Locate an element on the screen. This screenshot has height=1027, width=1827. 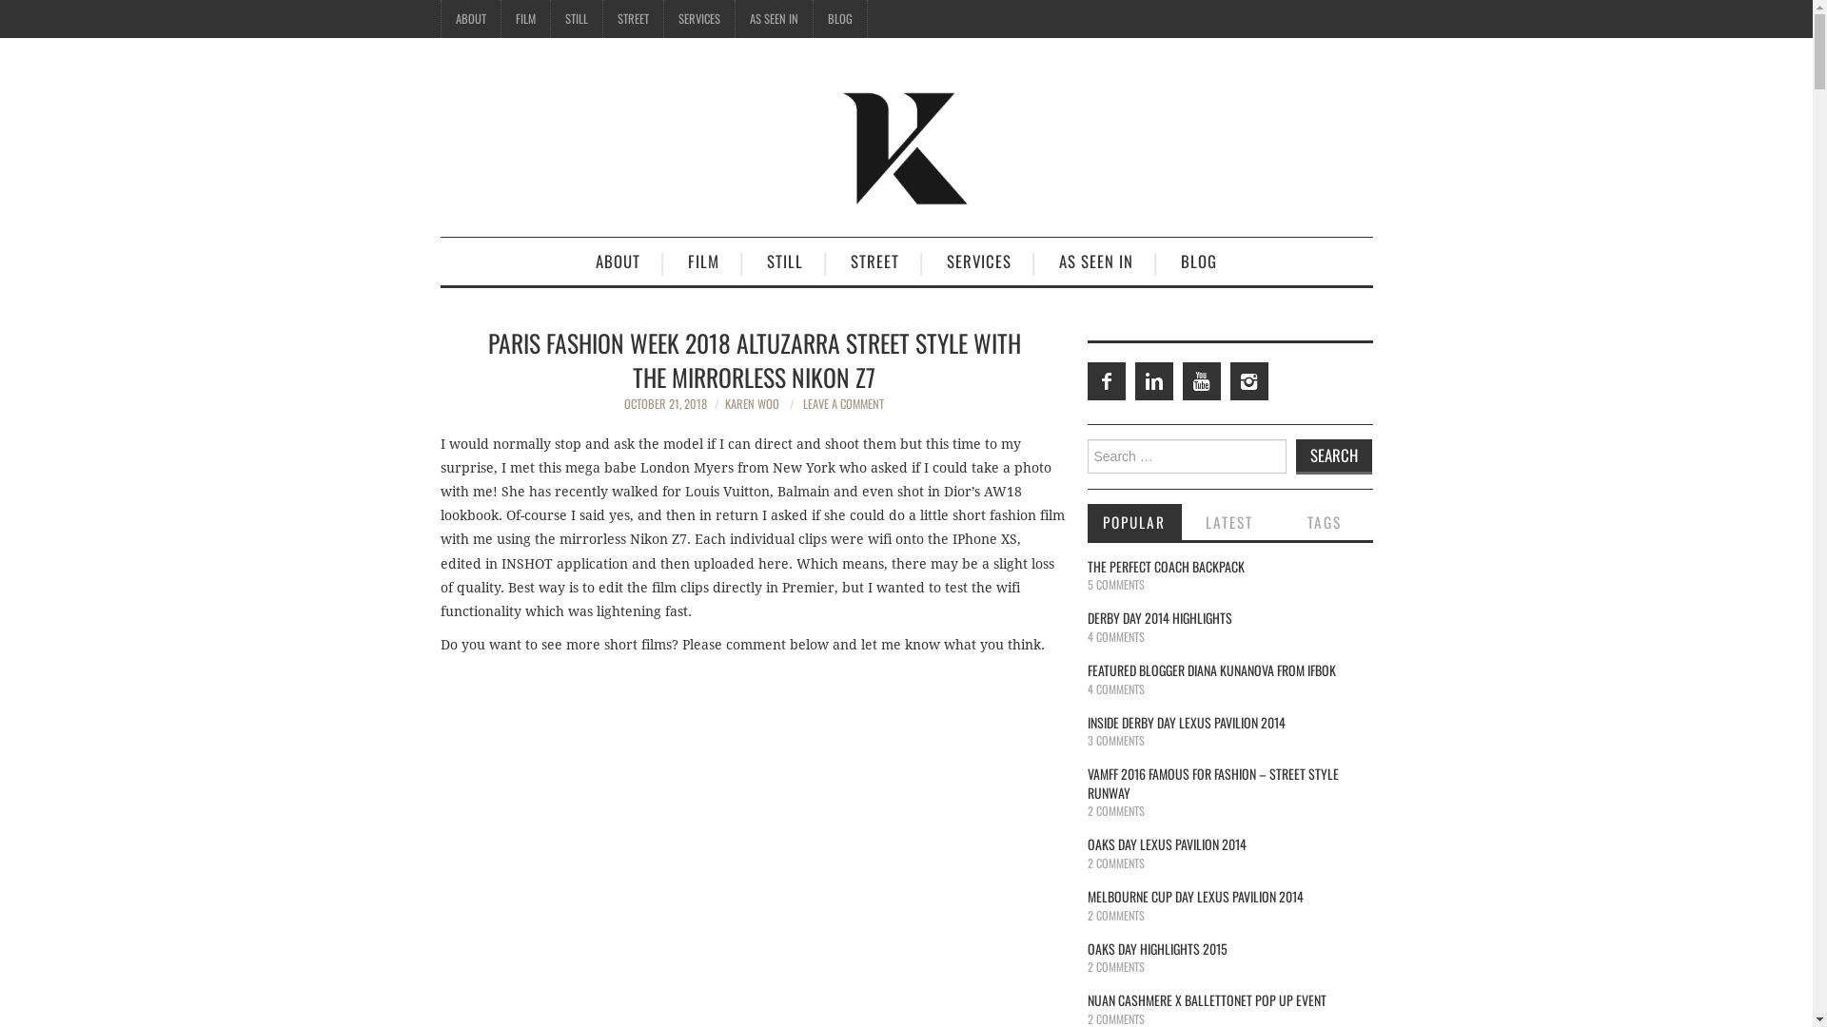
'OAKS DAY HIGHLIGHTS 2015' is located at coordinates (1087, 948).